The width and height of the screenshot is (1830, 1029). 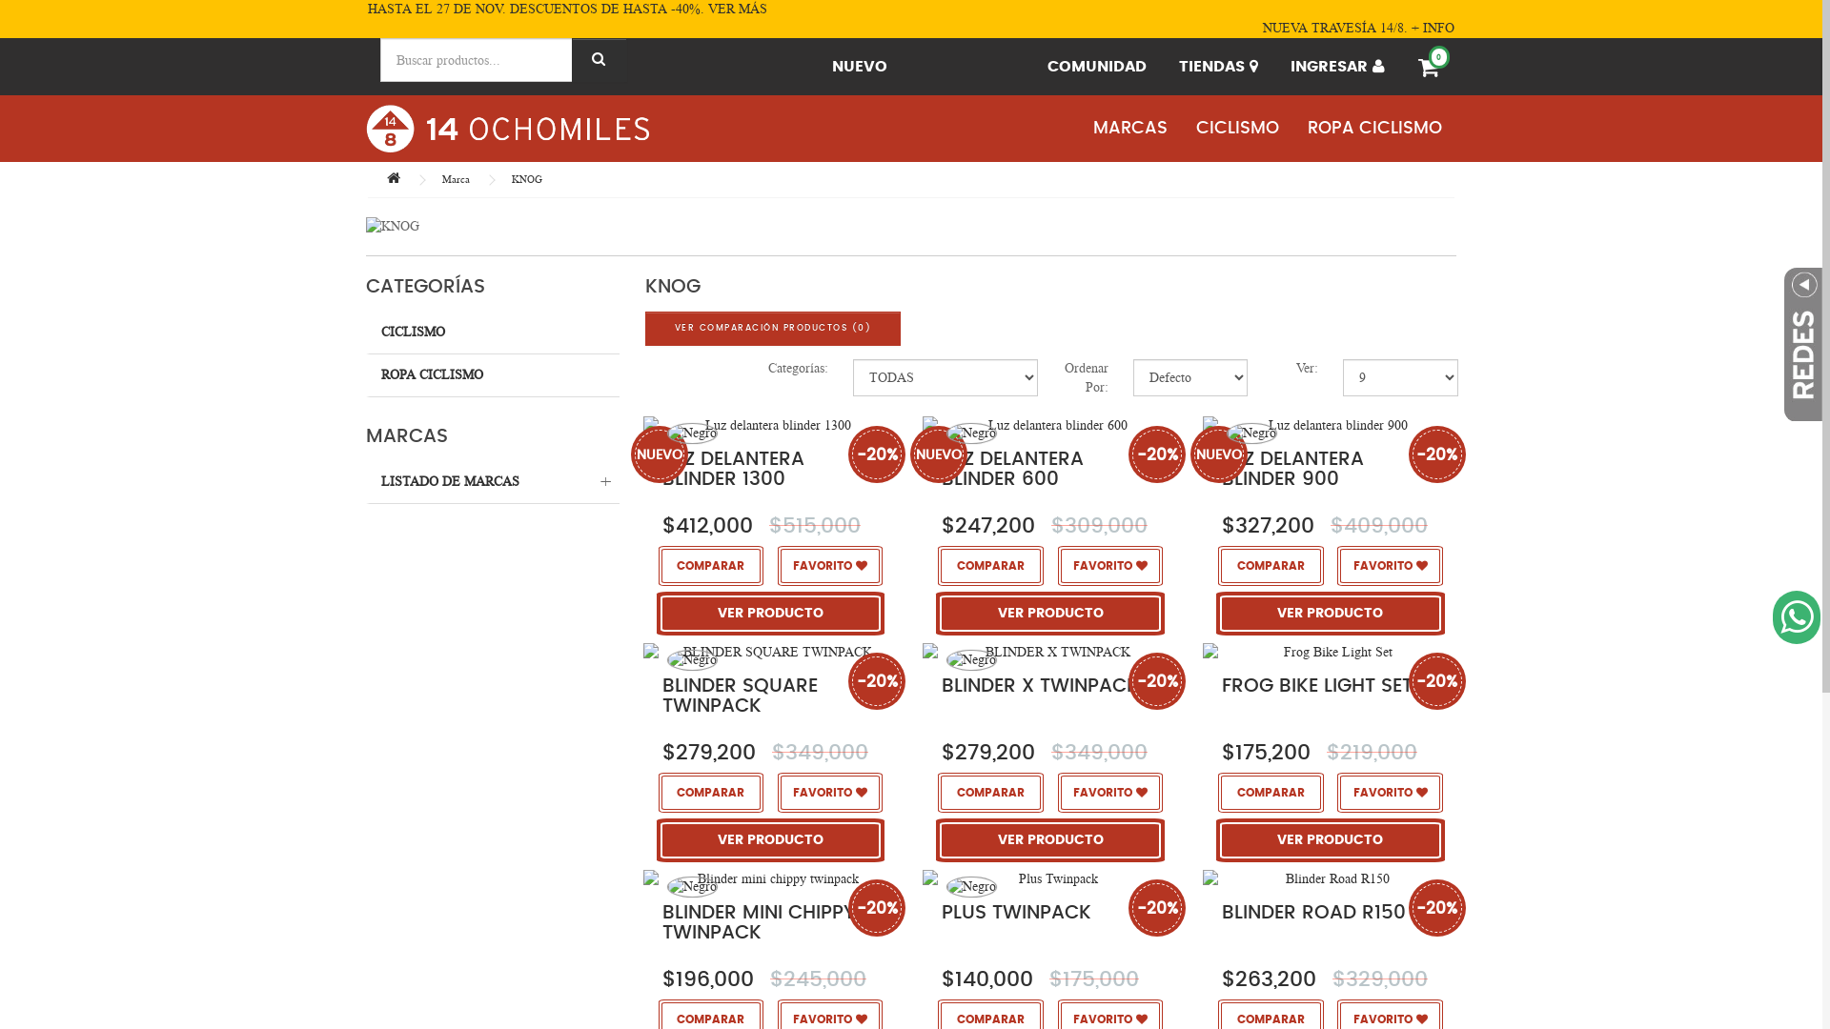 I want to click on 'VER PRODUCTO', so click(x=662, y=613).